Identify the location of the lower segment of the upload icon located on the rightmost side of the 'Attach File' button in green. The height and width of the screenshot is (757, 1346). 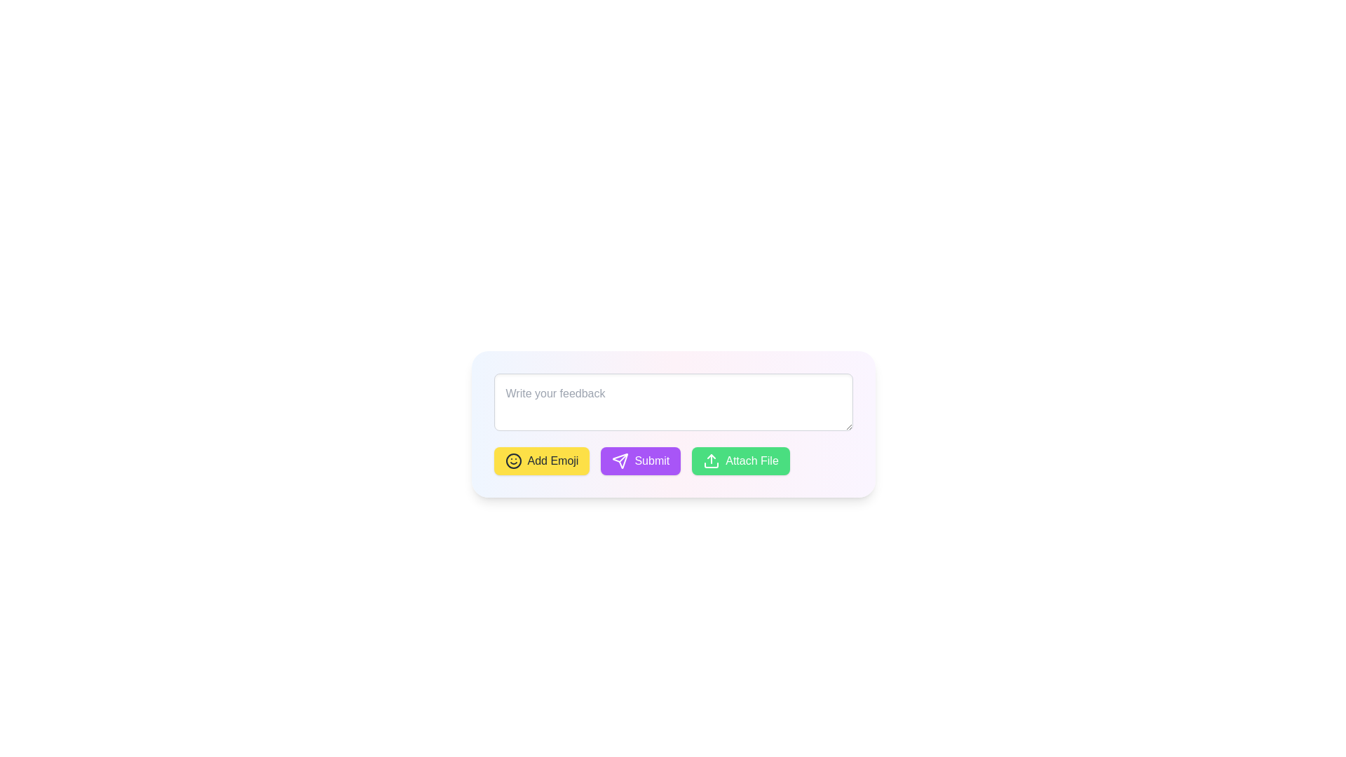
(712, 465).